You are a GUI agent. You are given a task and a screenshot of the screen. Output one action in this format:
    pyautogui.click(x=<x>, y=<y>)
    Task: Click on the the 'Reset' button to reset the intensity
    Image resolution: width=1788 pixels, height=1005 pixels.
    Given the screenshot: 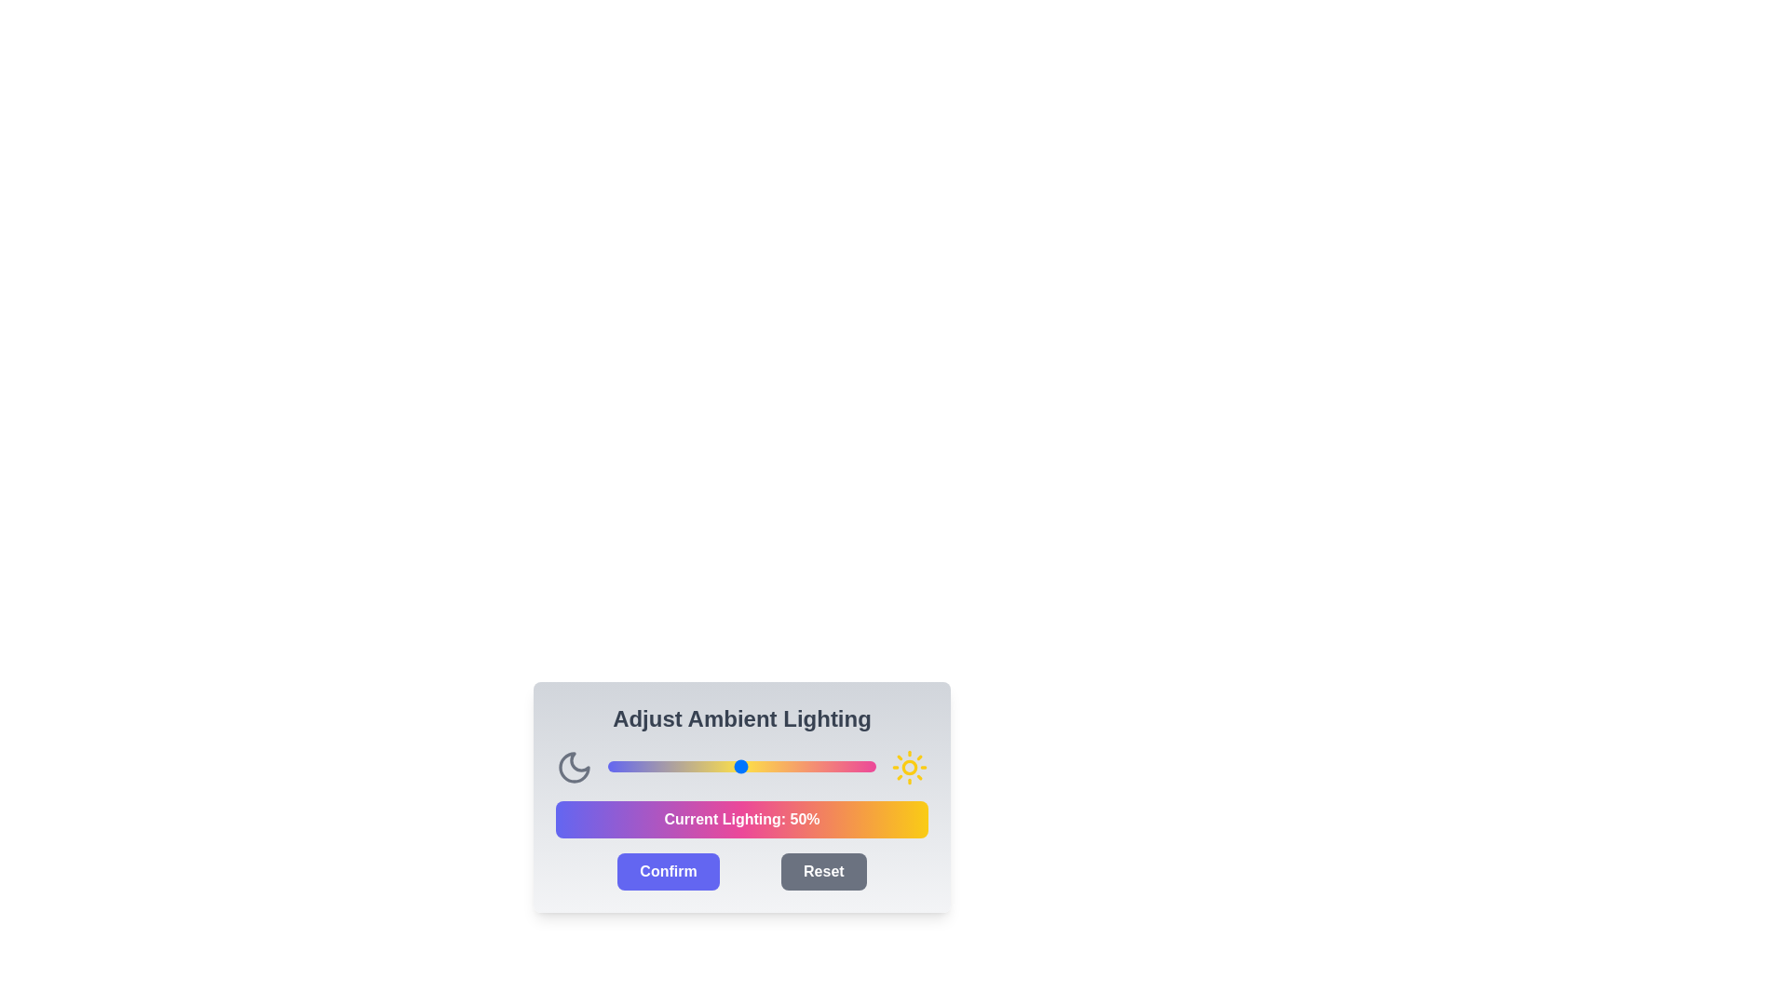 What is the action you would take?
    pyautogui.click(x=821, y=872)
    